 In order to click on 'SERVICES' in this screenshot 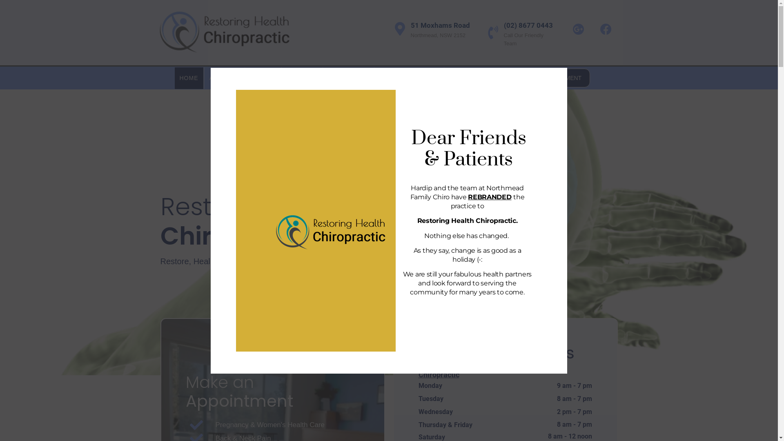, I will do `click(323, 78)`.